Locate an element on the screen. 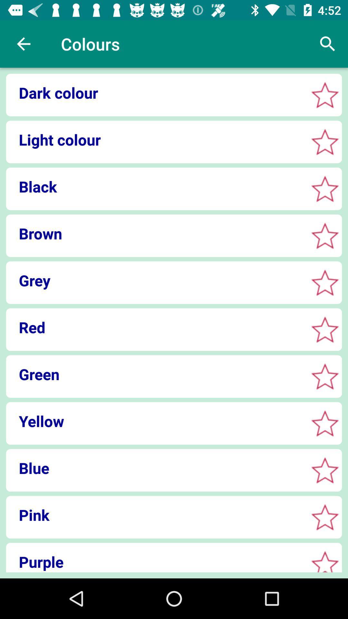 Image resolution: width=348 pixels, height=619 pixels. favorite is located at coordinates (325, 517).